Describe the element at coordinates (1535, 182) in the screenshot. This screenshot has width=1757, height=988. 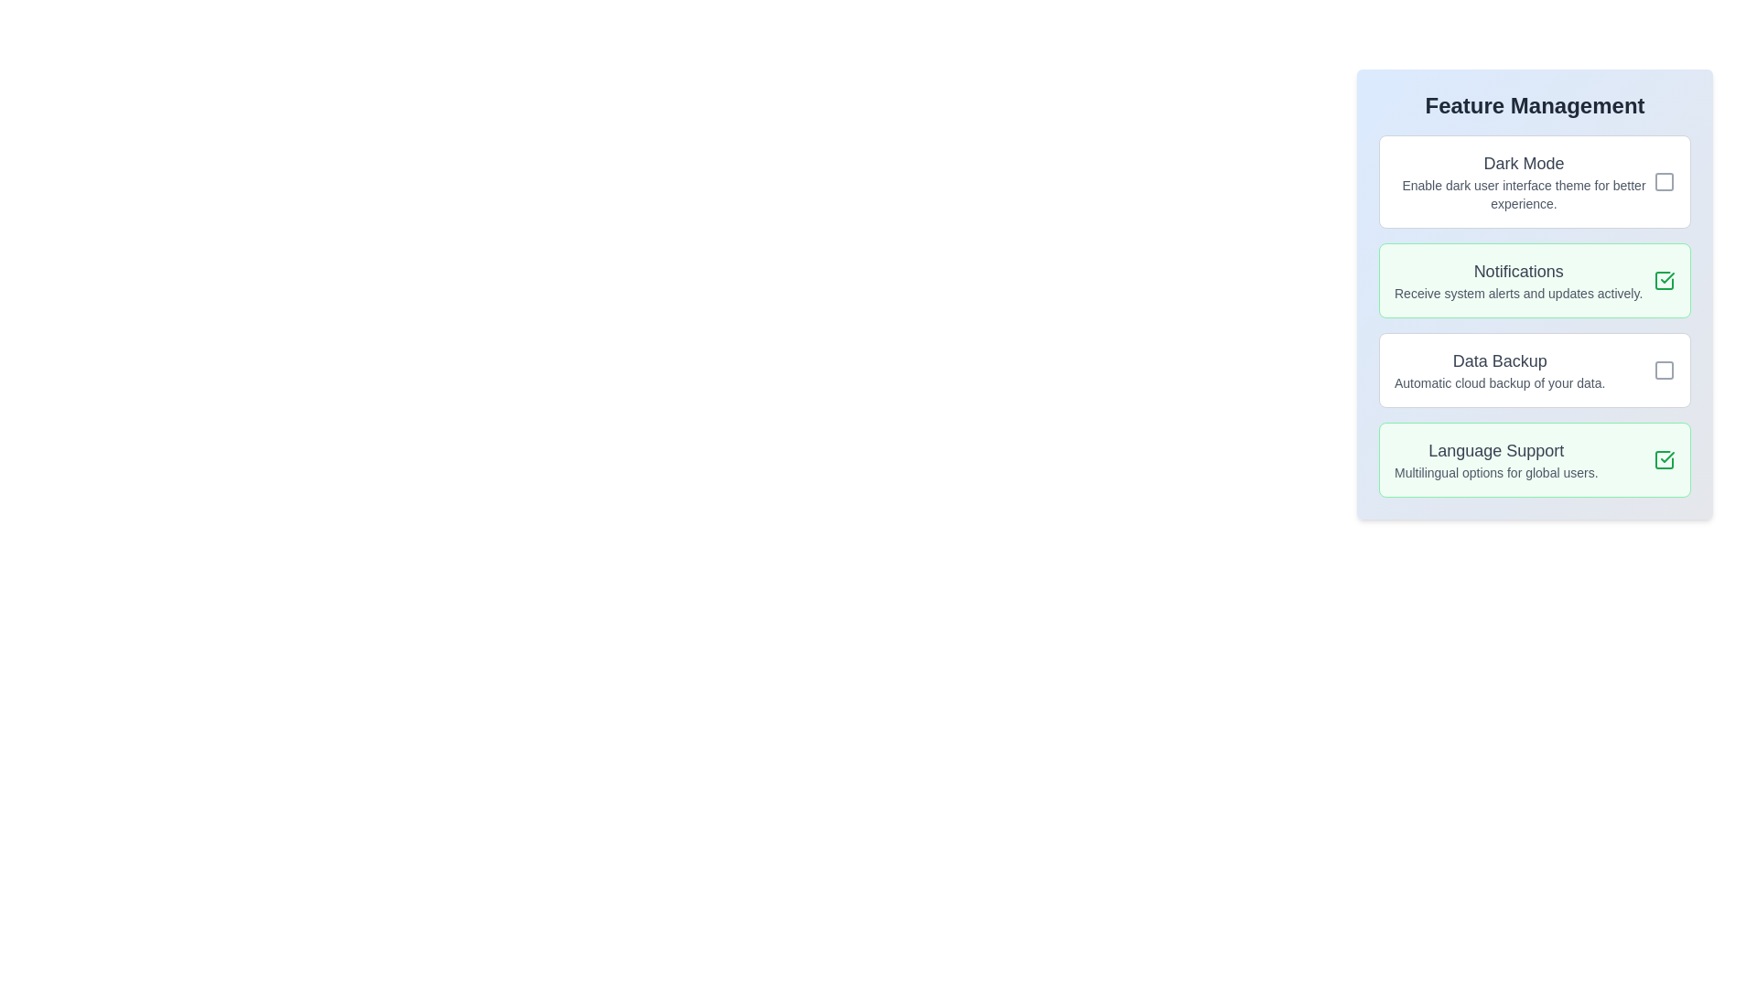
I see `the description of the selected feature for better readability` at that location.